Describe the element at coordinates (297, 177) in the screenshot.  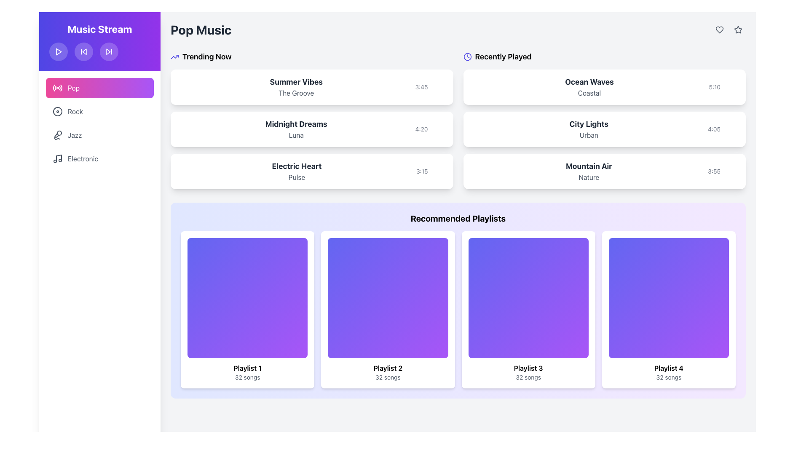
I see `the text label that serves as a subtitle for the music track 'Electric Heart', which is positioned directly beneath the title in the 'Trending Now' section` at that location.